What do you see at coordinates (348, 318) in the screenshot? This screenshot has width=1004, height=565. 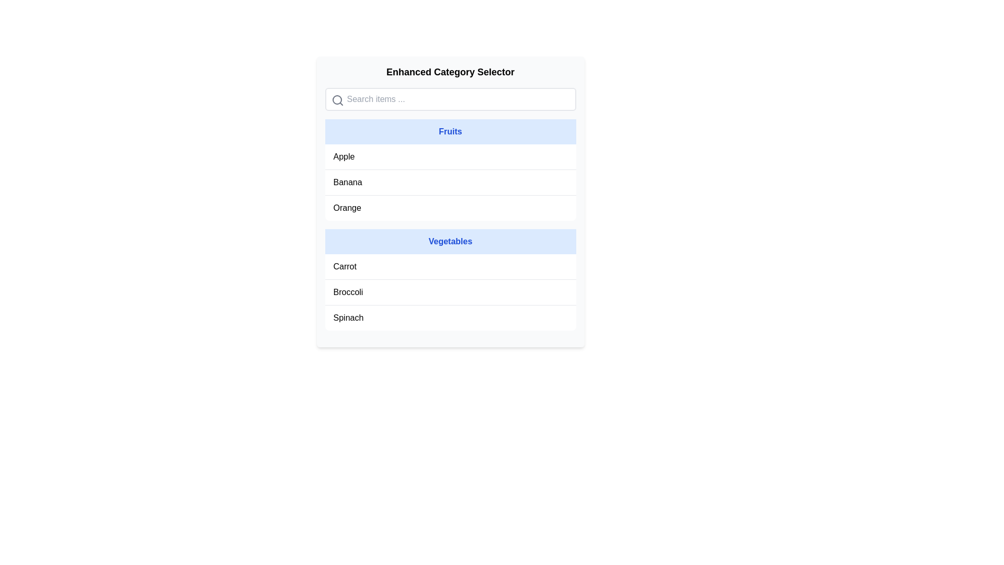 I see `the text label displaying 'Spinach'` at bounding box center [348, 318].